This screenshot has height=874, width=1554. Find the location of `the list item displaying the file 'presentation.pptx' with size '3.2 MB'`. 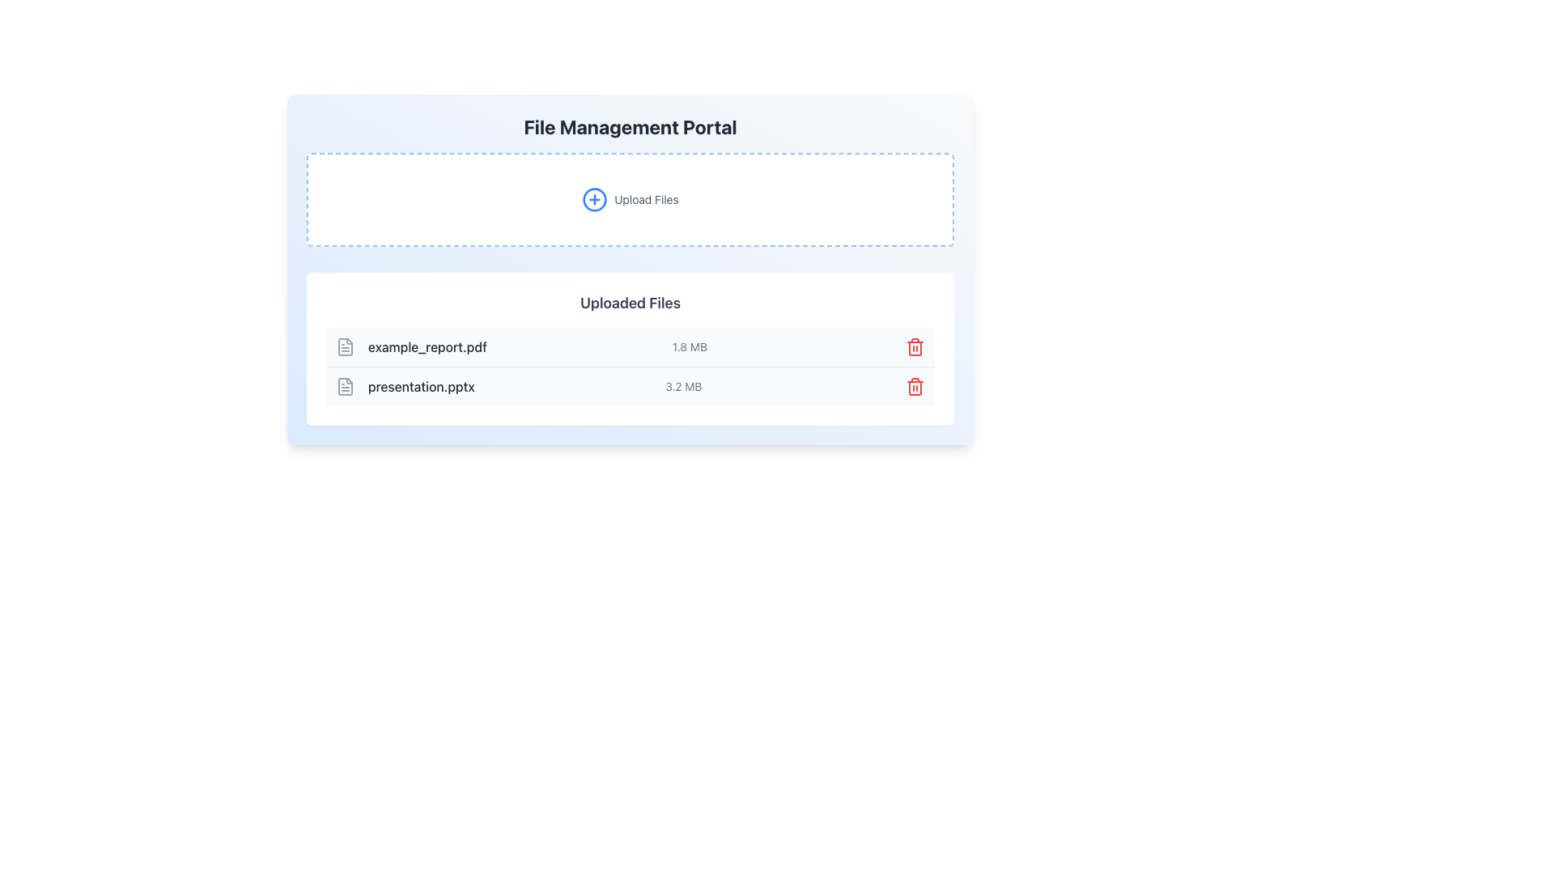

the list item displaying the file 'presentation.pptx' with size '3.2 MB' is located at coordinates (629, 387).